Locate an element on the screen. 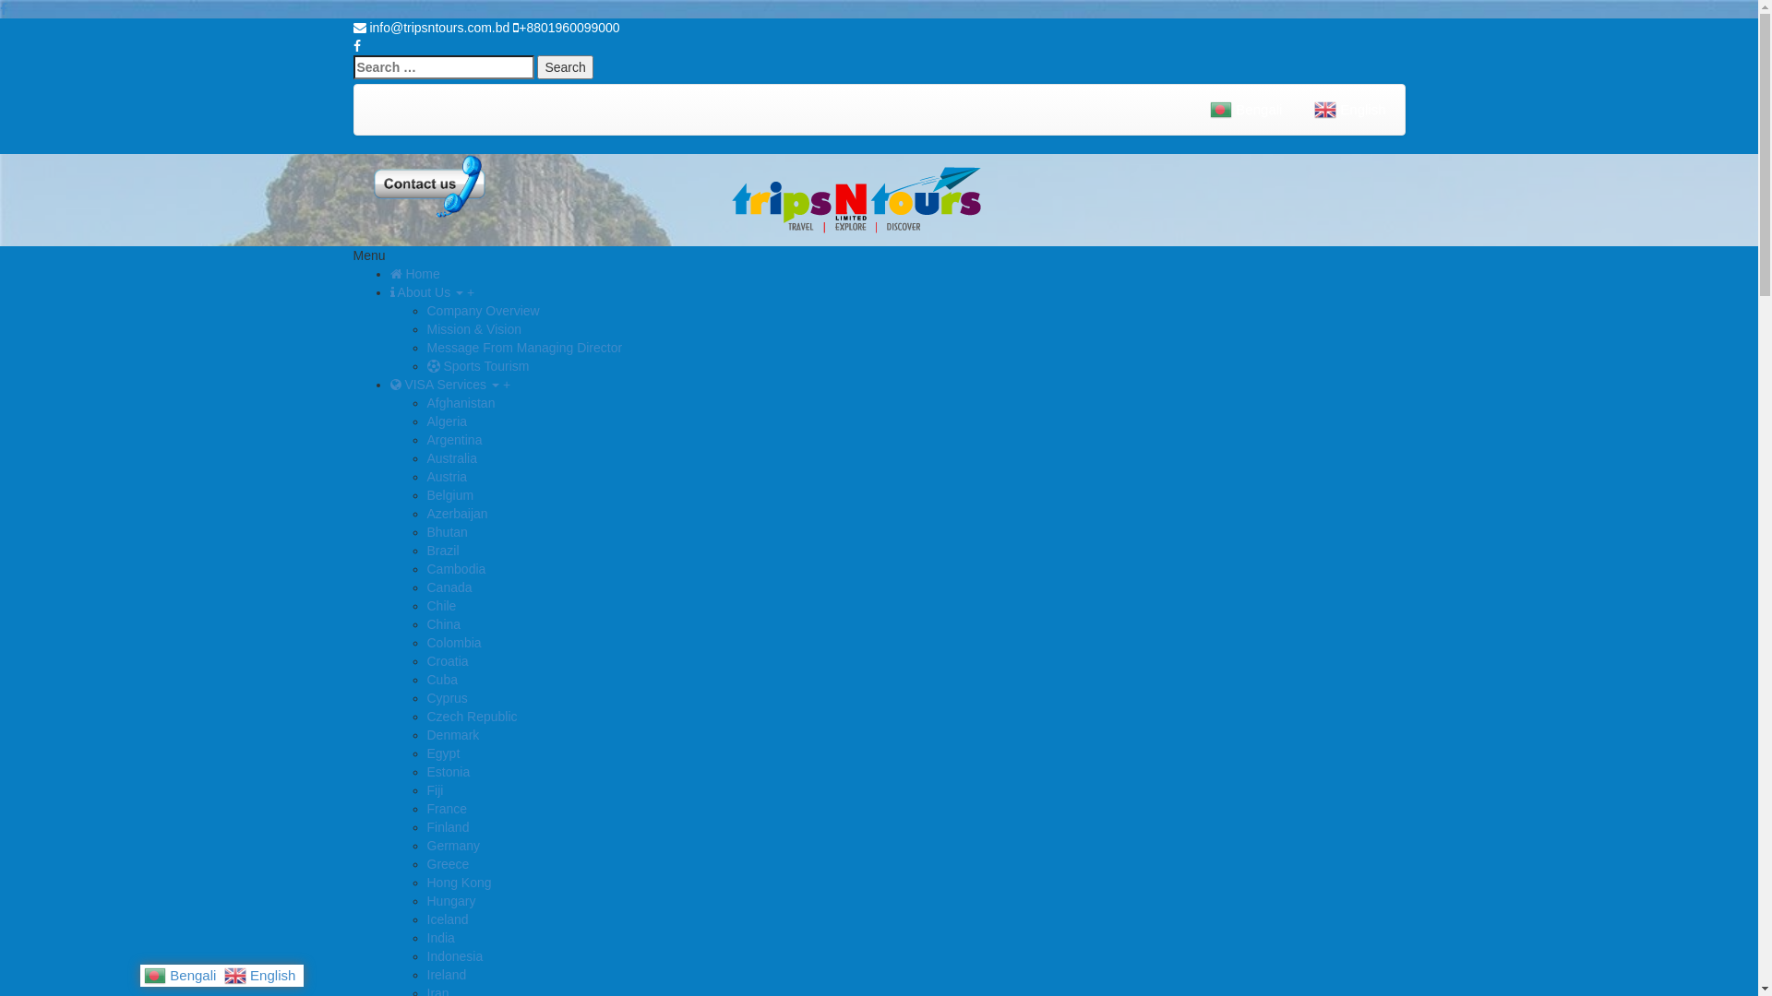 The image size is (1772, 996). ' Home' is located at coordinates (389, 274).